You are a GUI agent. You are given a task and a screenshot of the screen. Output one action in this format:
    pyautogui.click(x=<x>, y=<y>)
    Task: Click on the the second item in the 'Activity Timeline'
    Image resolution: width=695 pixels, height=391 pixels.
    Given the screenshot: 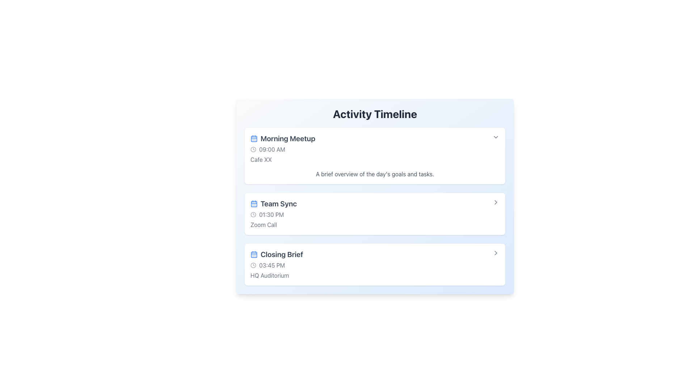 What is the action you would take?
    pyautogui.click(x=375, y=213)
    